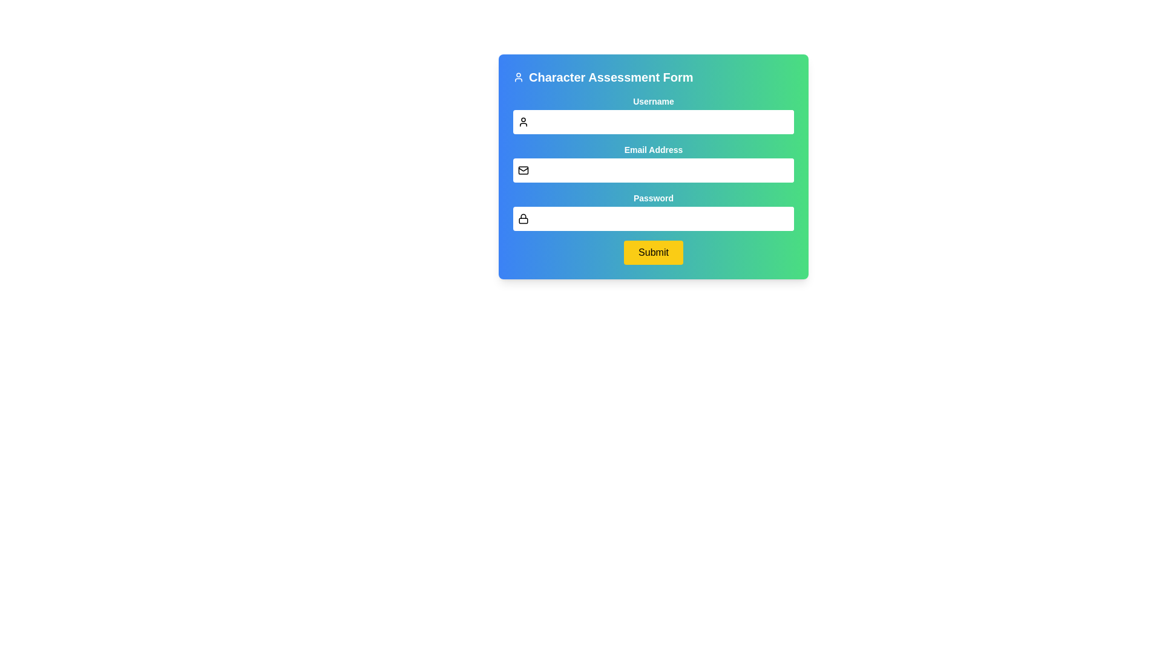 This screenshot has width=1162, height=653. I want to click on the 'Submit' button located at the bottom of the form, so click(653, 252).